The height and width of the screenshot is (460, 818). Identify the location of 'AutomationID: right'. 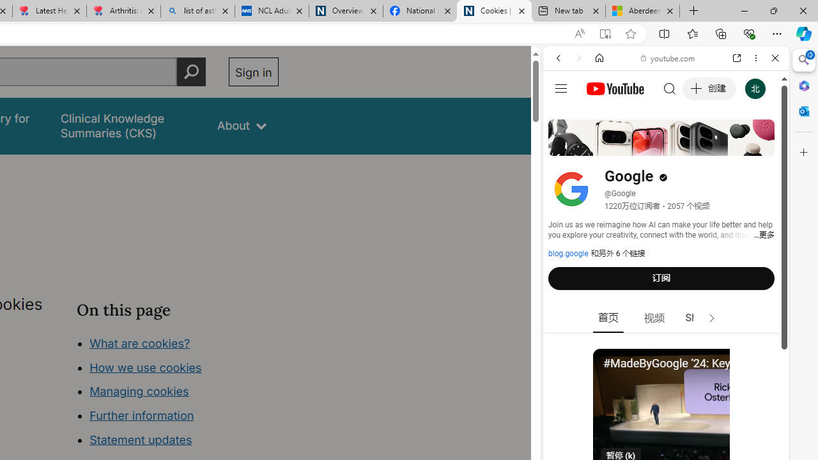
(711, 318).